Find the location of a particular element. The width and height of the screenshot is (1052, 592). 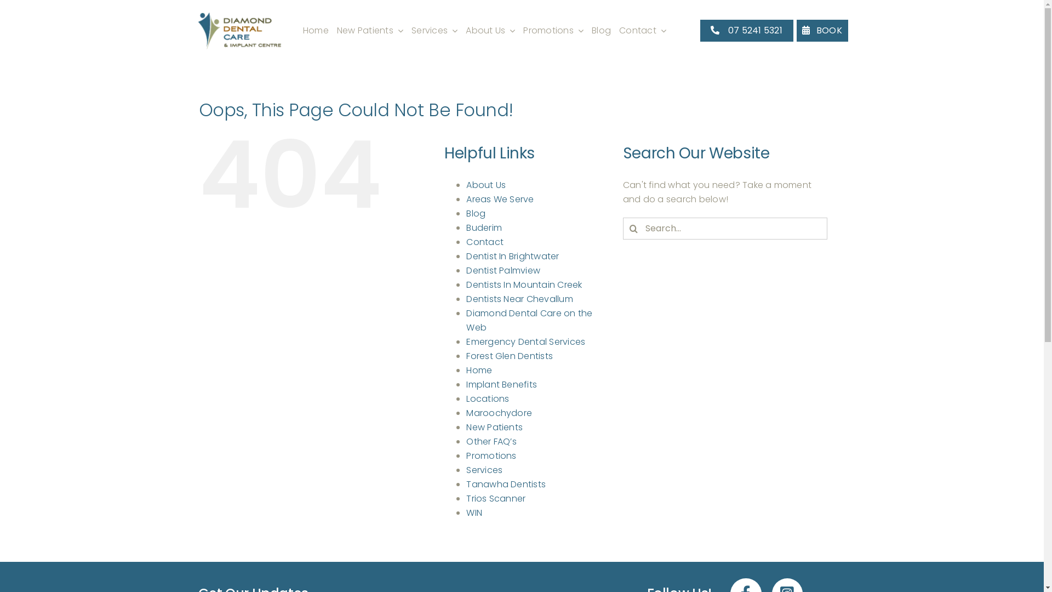

'Blog' is located at coordinates (601, 30).